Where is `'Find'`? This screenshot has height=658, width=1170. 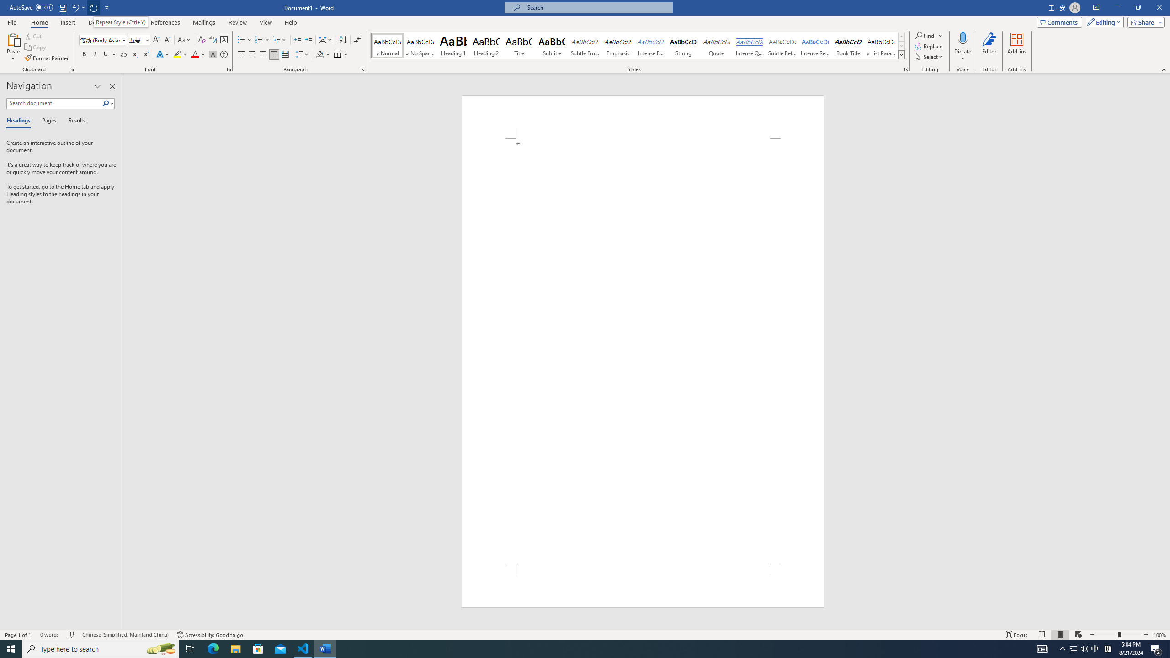
'Find' is located at coordinates (925, 35).